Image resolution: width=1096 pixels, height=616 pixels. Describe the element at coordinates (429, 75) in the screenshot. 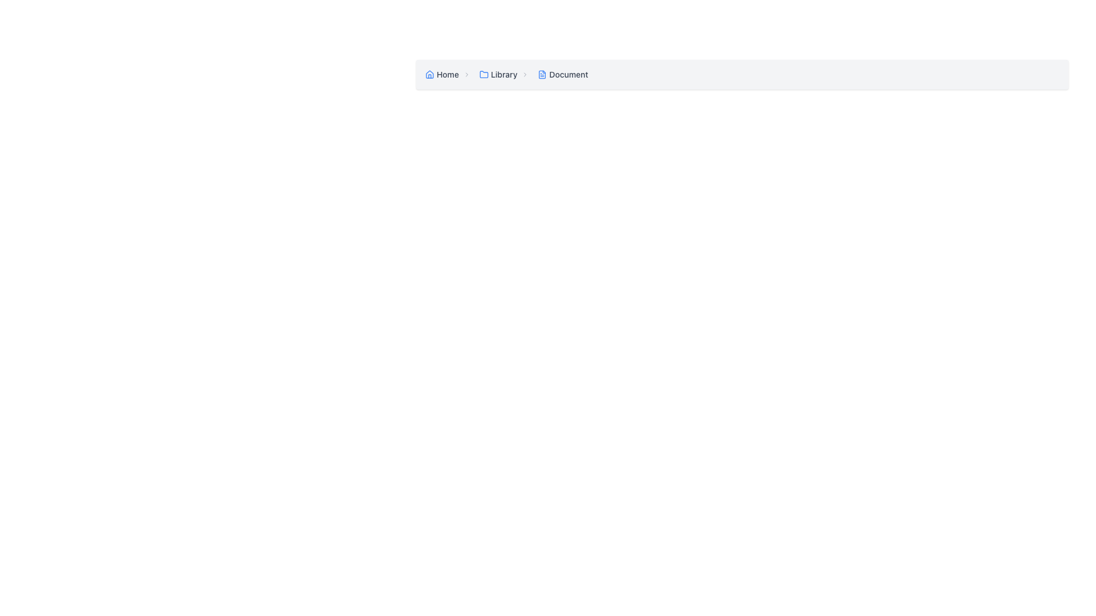

I see `the small blue house-shaped icon located at the leftmost edge of the breadcrumb navigation bar, positioned before the text 'Home'` at that location.